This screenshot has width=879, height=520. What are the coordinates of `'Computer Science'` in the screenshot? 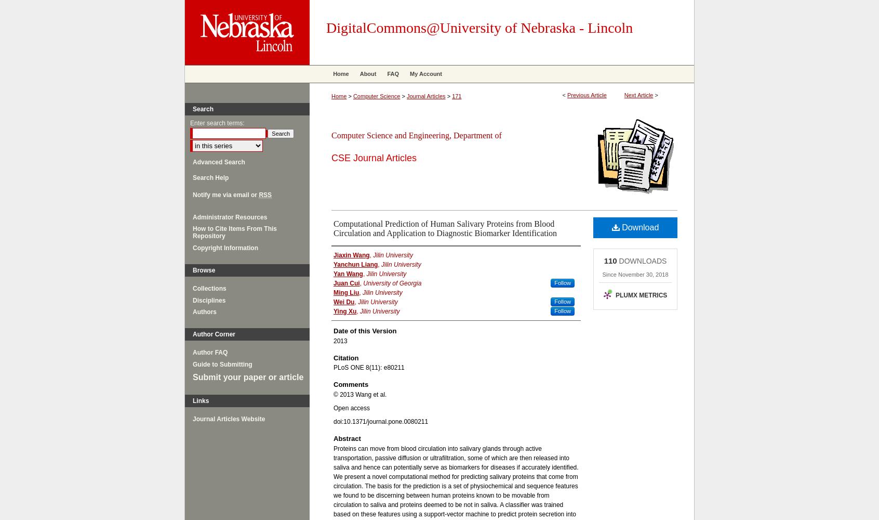 It's located at (376, 96).